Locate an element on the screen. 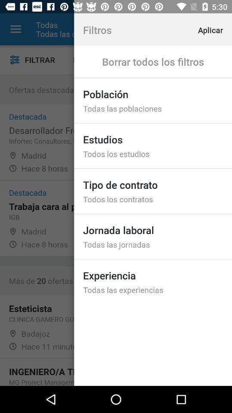  item next to the todas item is located at coordinates (15, 29).